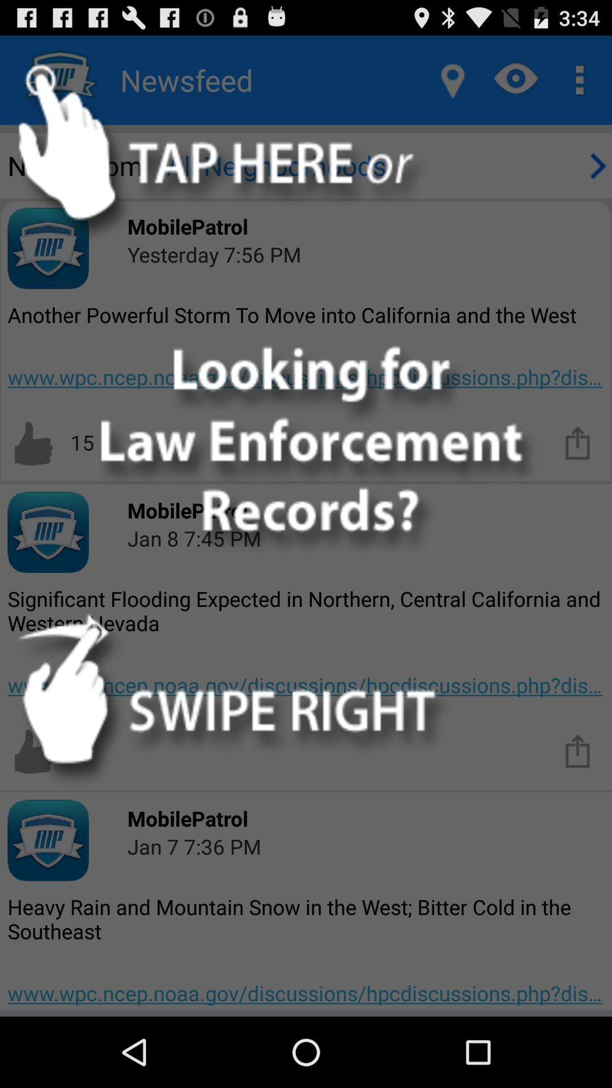 The height and width of the screenshot is (1088, 612). I want to click on share the article, so click(578, 441).